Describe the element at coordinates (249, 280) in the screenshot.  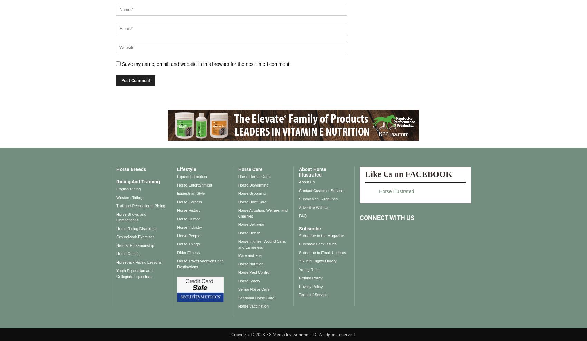
I see `'Horse Safety'` at that location.